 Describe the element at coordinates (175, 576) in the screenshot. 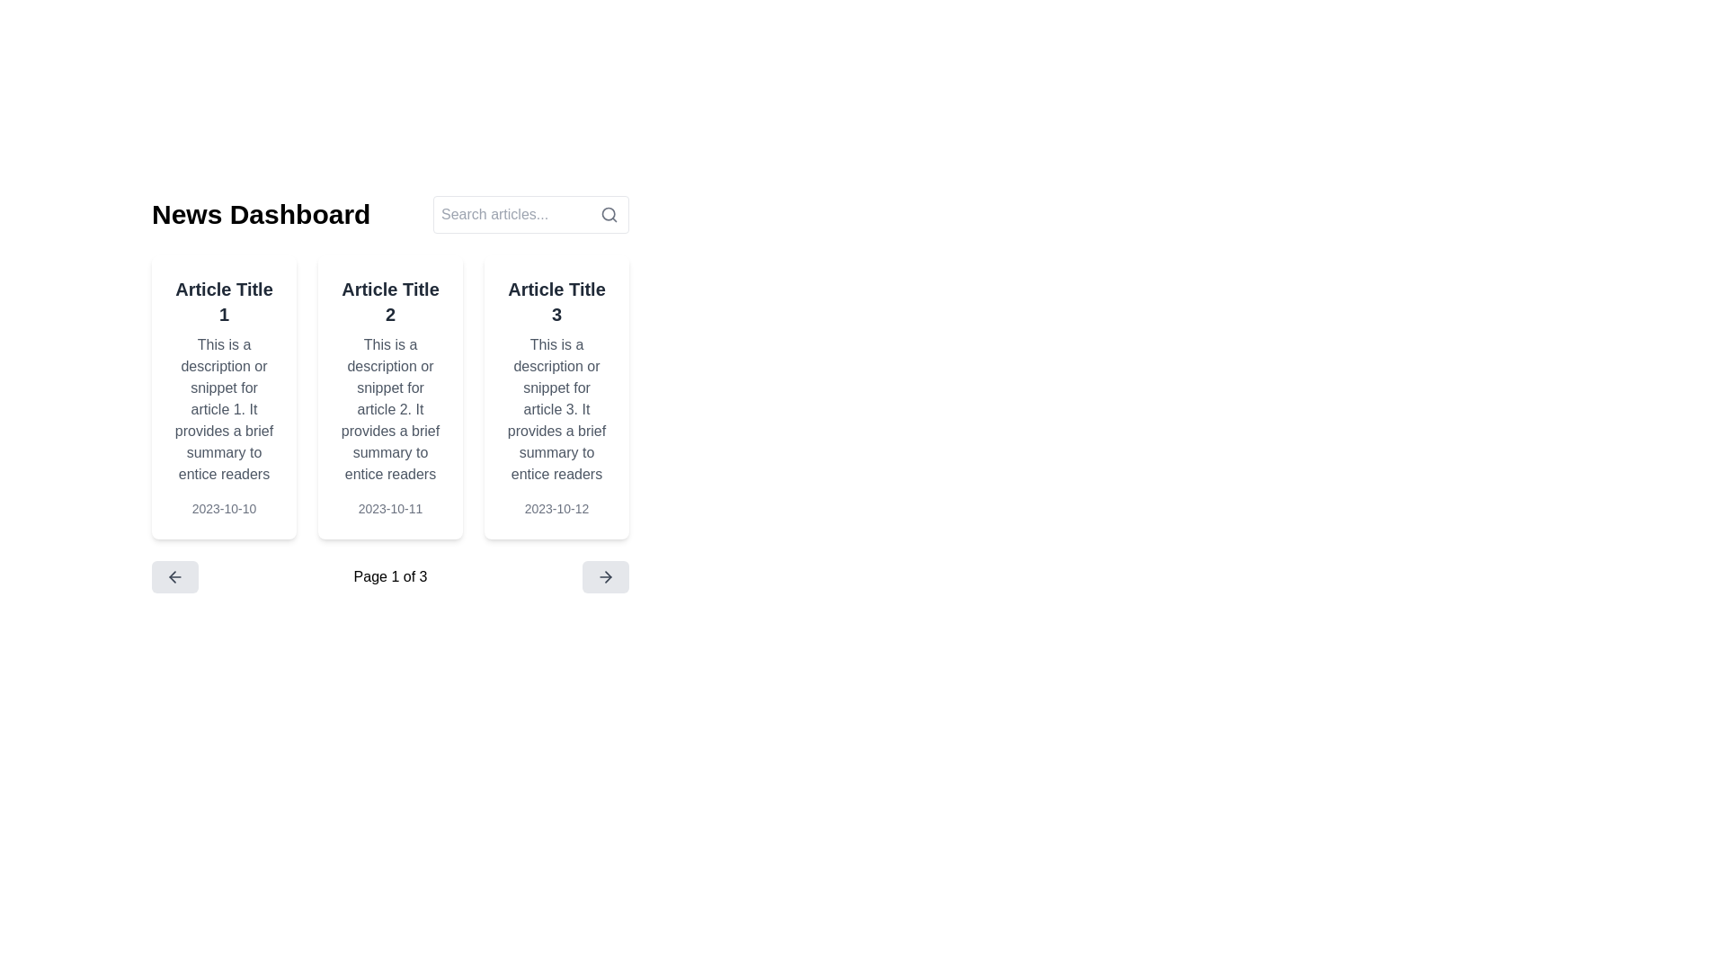

I see `the back navigation button icon located in the bottom left corner of the main interface` at that location.